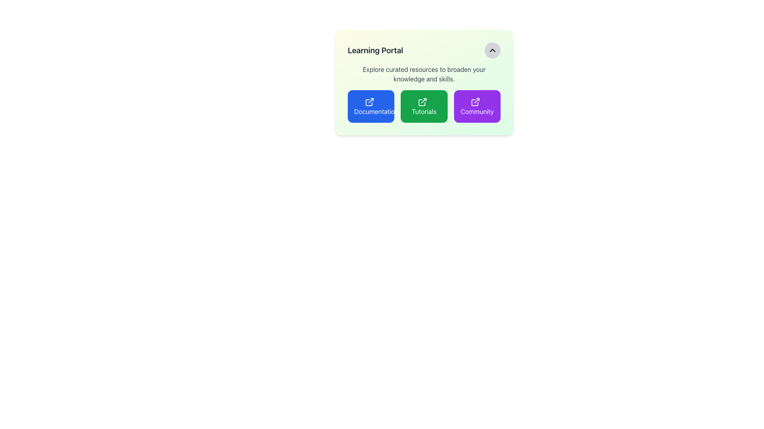 The image size is (764, 429). Describe the element at coordinates (421, 102) in the screenshot. I see `the 'Tutorials' icon located at the bottom of the green box in the second row of buttons under the 'Learning Portal' heading to follow the associated link` at that location.